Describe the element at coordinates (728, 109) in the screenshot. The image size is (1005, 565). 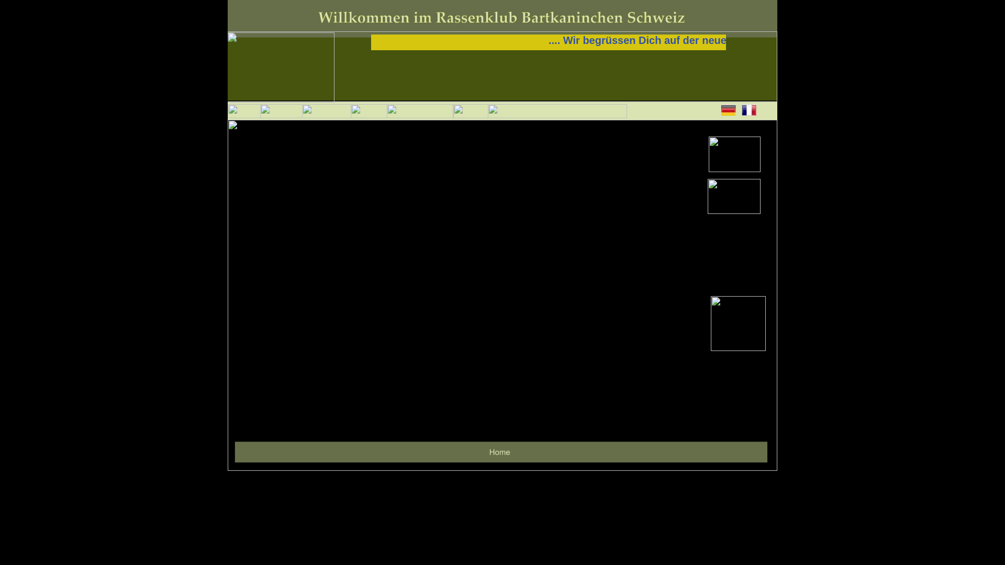
I see `'DE'` at that location.